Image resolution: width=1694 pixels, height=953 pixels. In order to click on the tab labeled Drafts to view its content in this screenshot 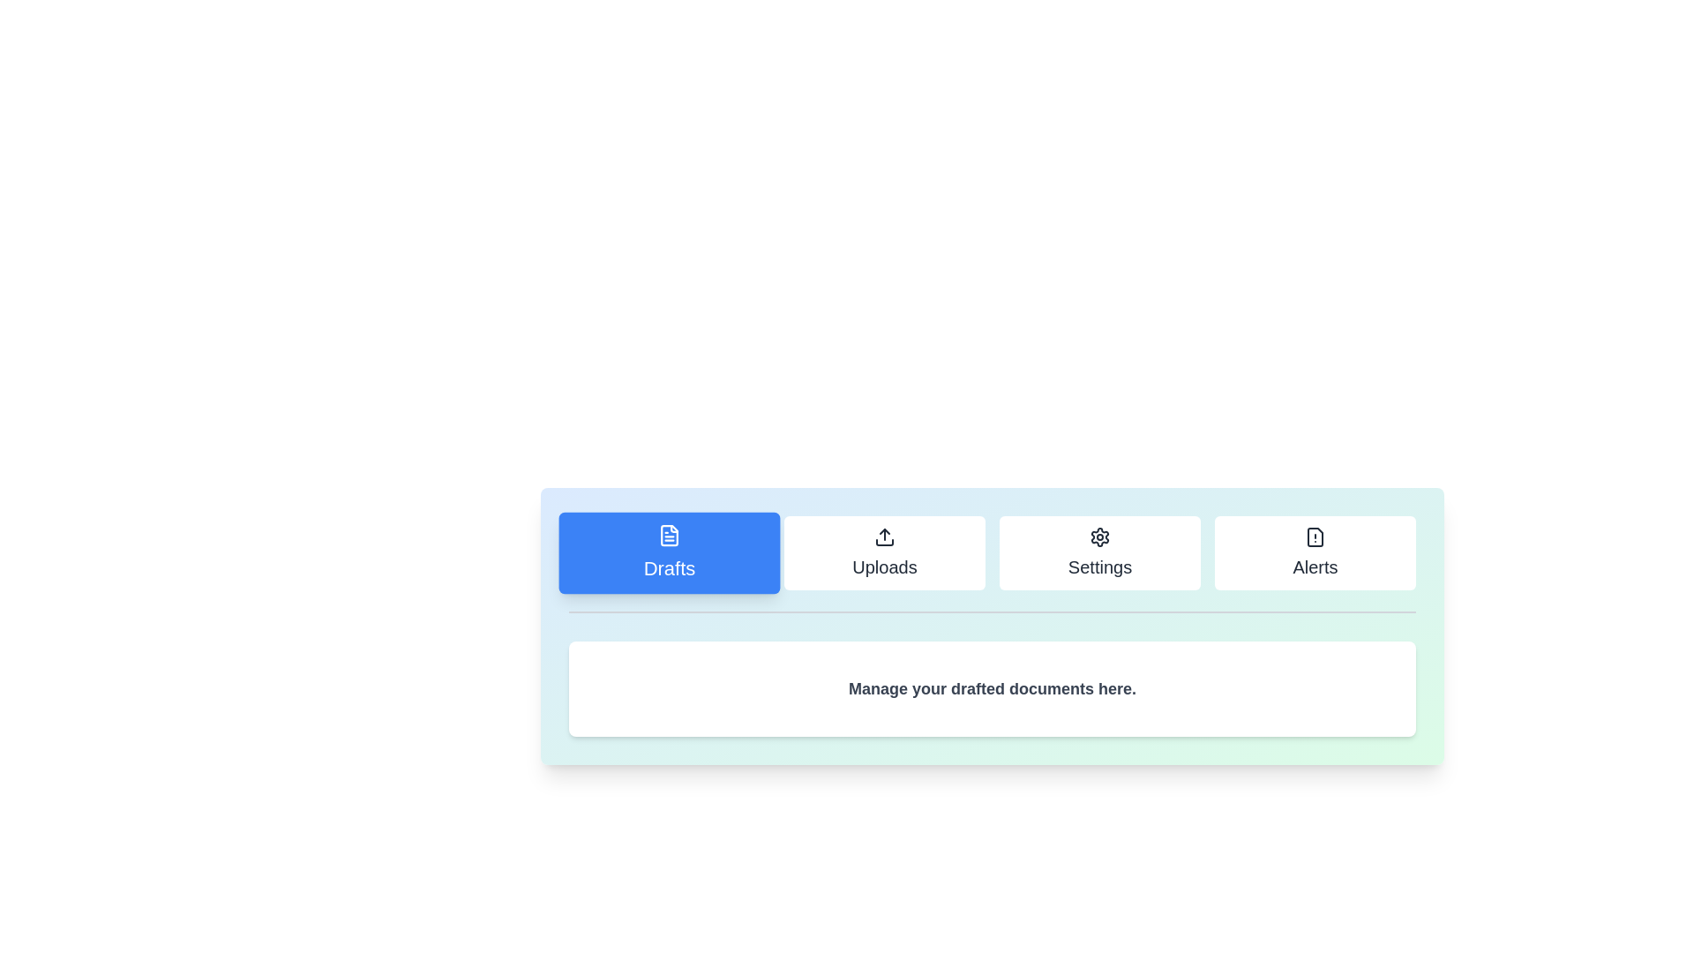, I will do `click(668, 552)`.